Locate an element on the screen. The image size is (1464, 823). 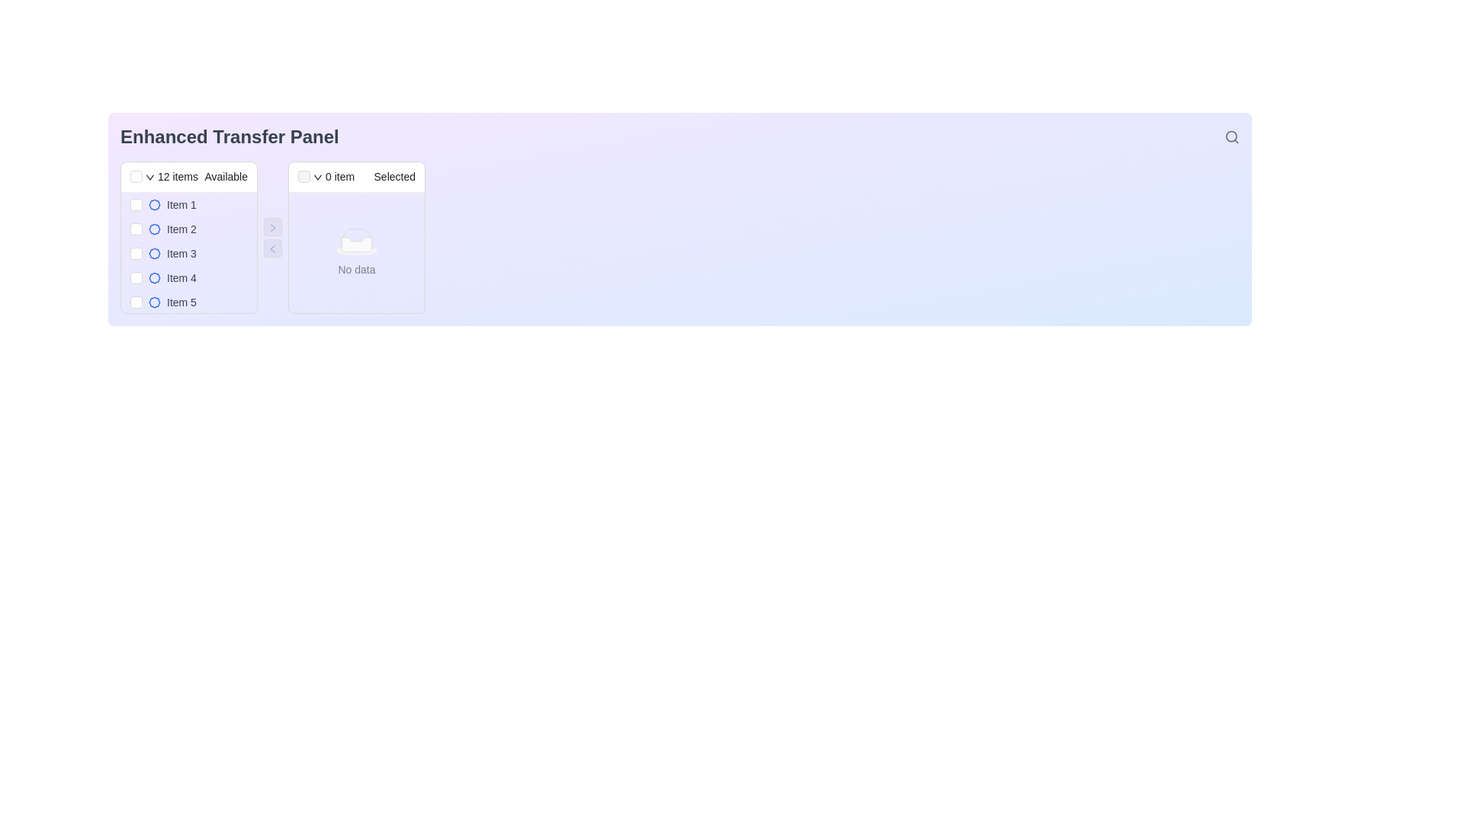
the text label indicating the availability of items, which is located in the header of the left-side panel in the transfer interface, to the right of '12 items' is located at coordinates (223, 175).